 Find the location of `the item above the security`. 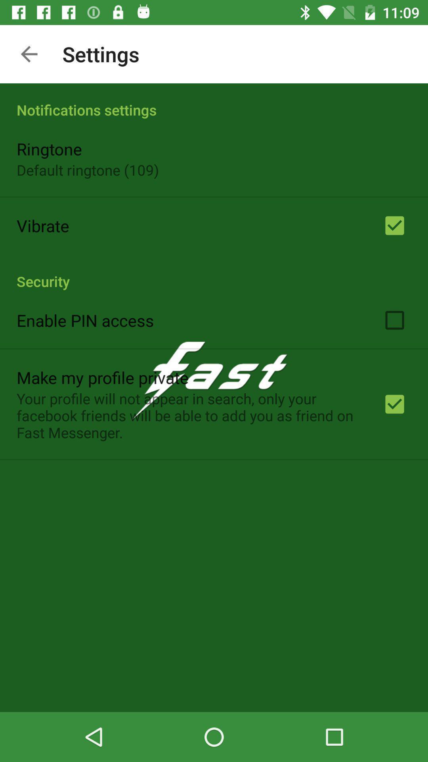

the item above the security is located at coordinates (43, 225).